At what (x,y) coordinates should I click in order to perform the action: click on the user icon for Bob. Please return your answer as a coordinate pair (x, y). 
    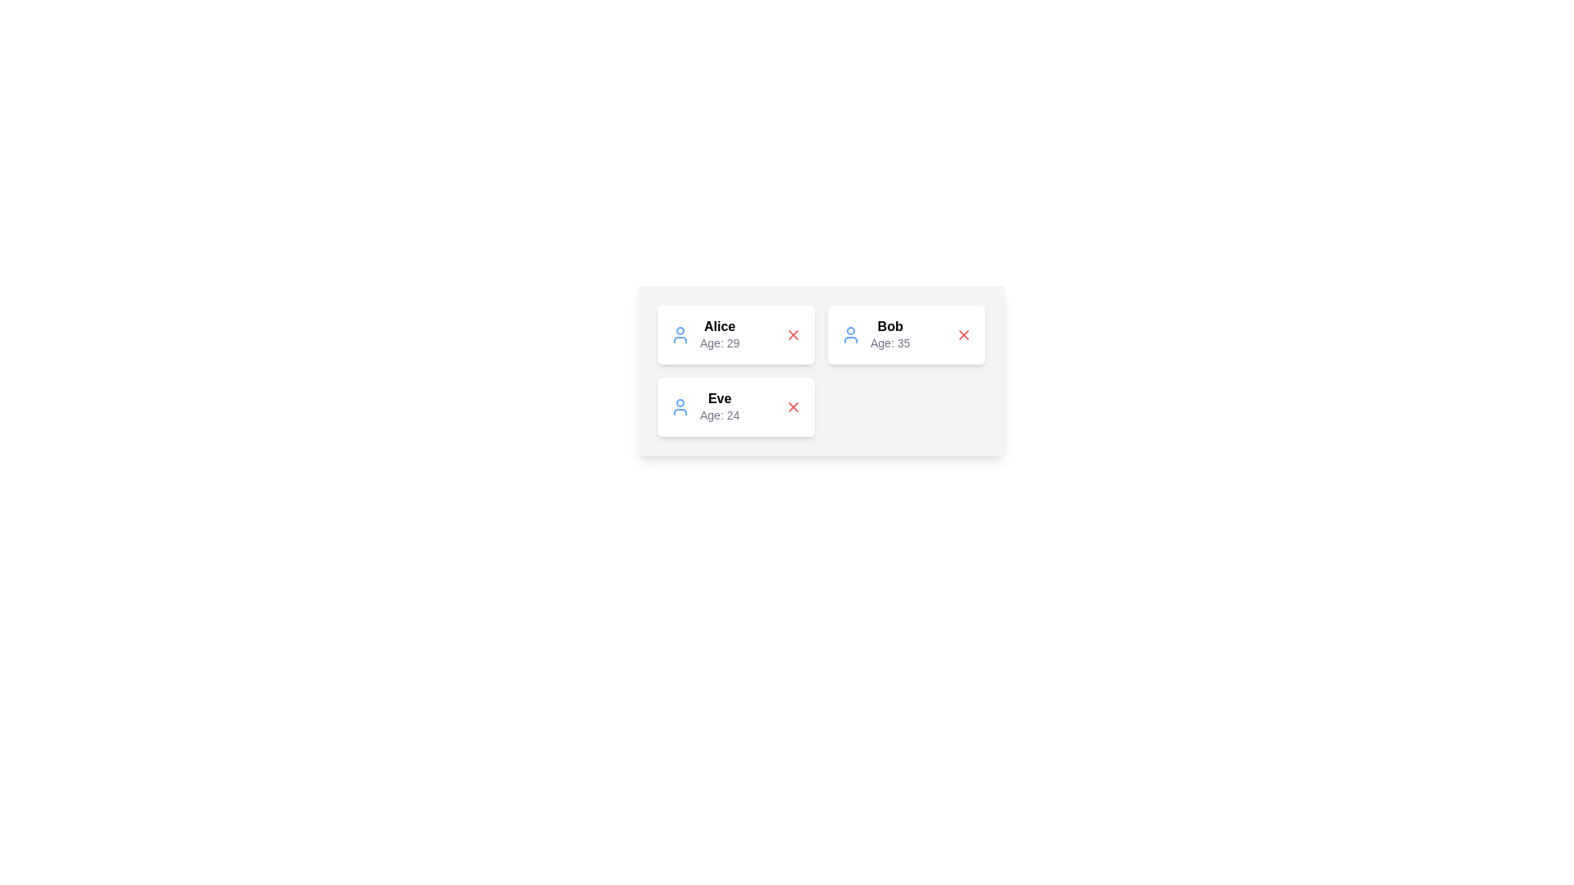
    Looking at the image, I should click on (850, 334).